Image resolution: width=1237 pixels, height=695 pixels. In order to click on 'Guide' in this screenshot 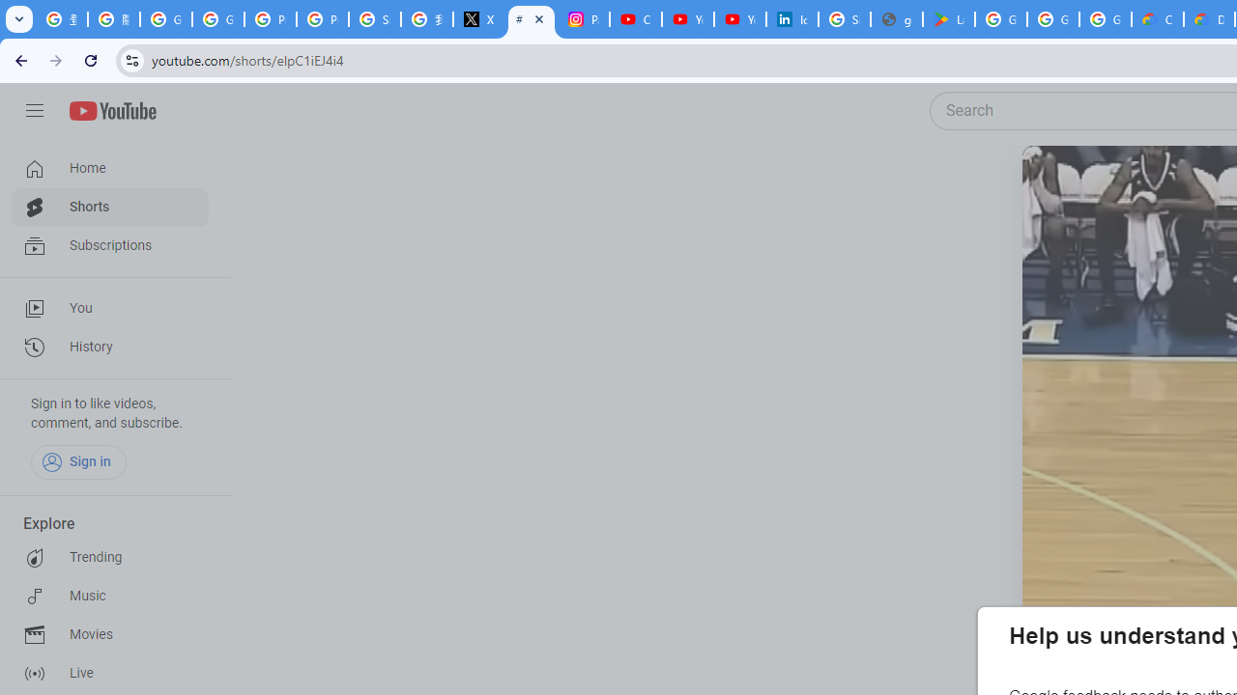, I will do `click(34, 111)`.